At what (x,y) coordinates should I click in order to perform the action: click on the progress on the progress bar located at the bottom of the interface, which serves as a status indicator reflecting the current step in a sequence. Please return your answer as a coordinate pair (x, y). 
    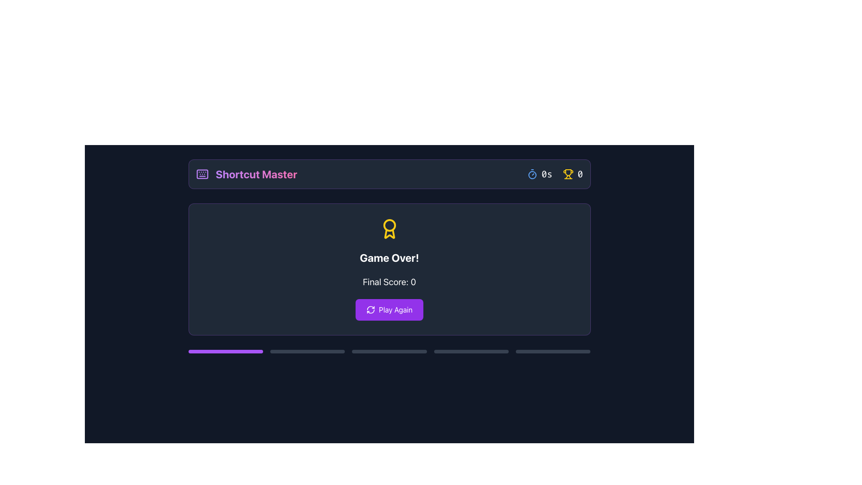
    Looking at the image, I should click on (389, 351).